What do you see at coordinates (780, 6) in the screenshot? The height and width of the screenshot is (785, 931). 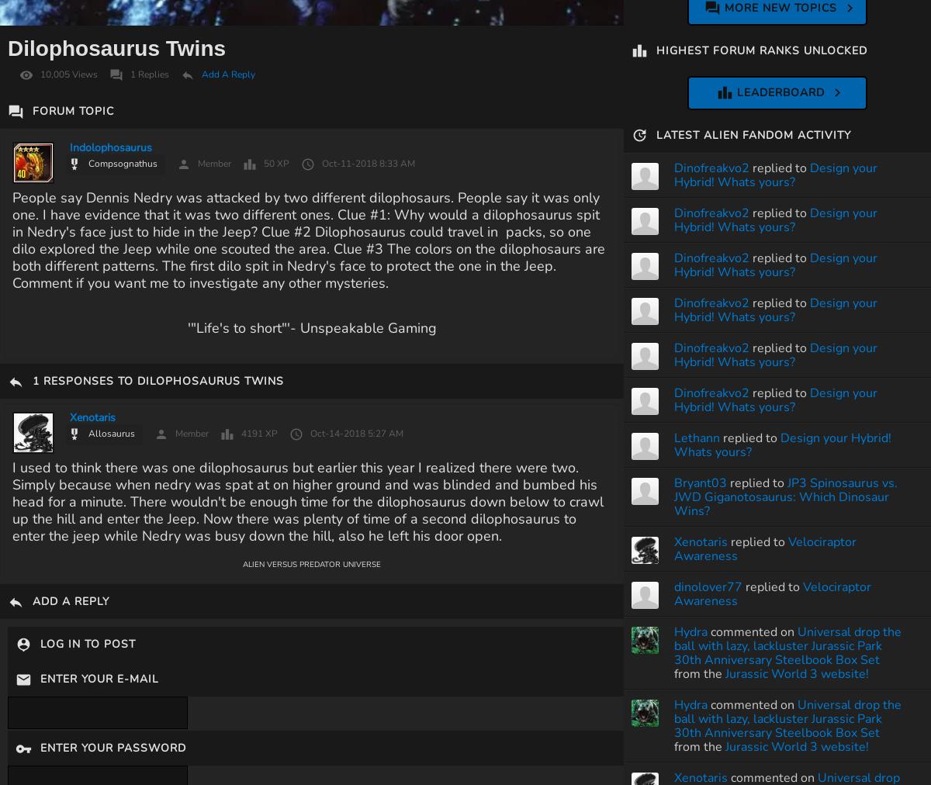 I see `'More New Topics'` at bounding box center [780, 6].